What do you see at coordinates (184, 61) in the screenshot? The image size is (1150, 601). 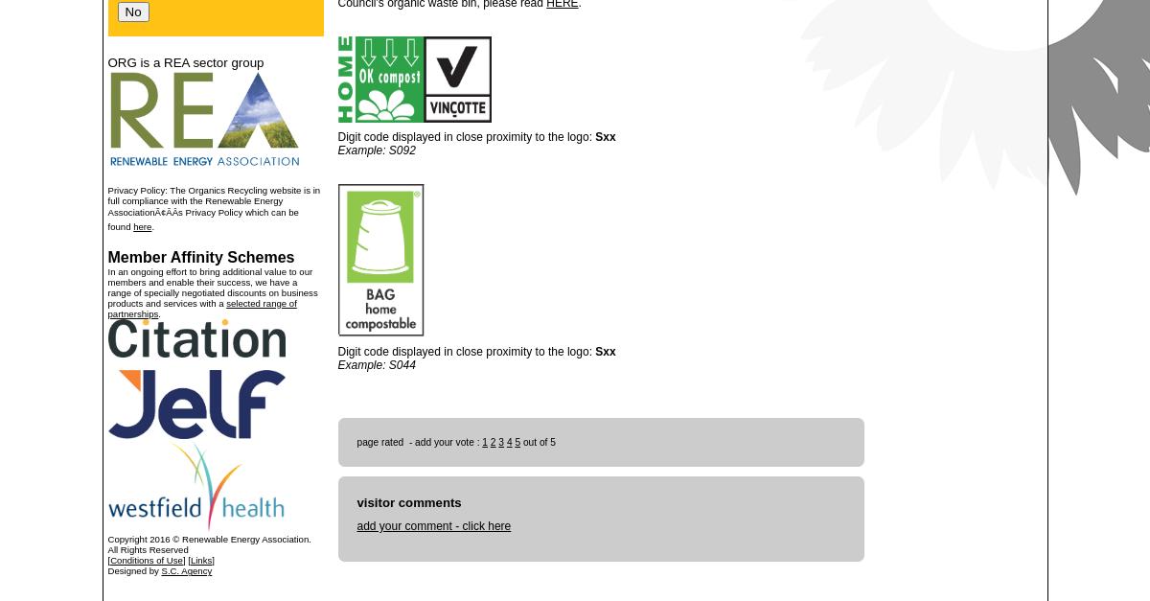 I see `'ORG is a REA sector group'` at bounding box center [184, 61].